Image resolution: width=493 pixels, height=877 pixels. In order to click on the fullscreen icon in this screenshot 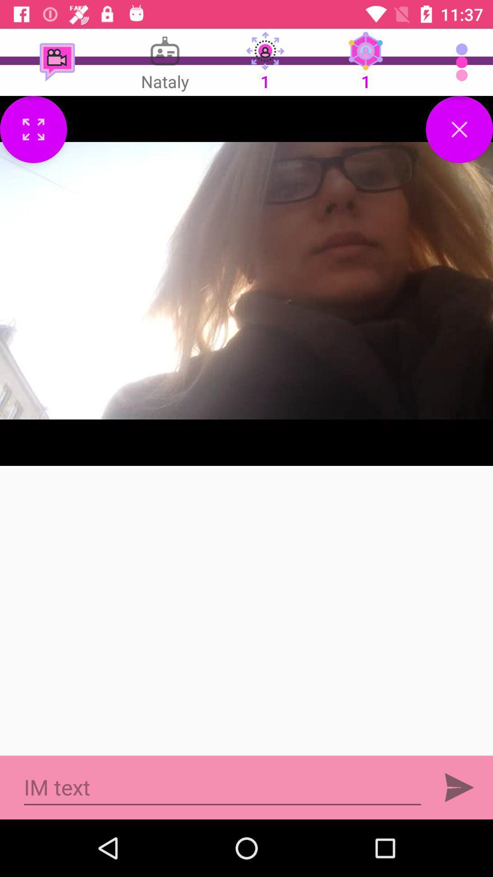, I will do `click(33, 129)`.